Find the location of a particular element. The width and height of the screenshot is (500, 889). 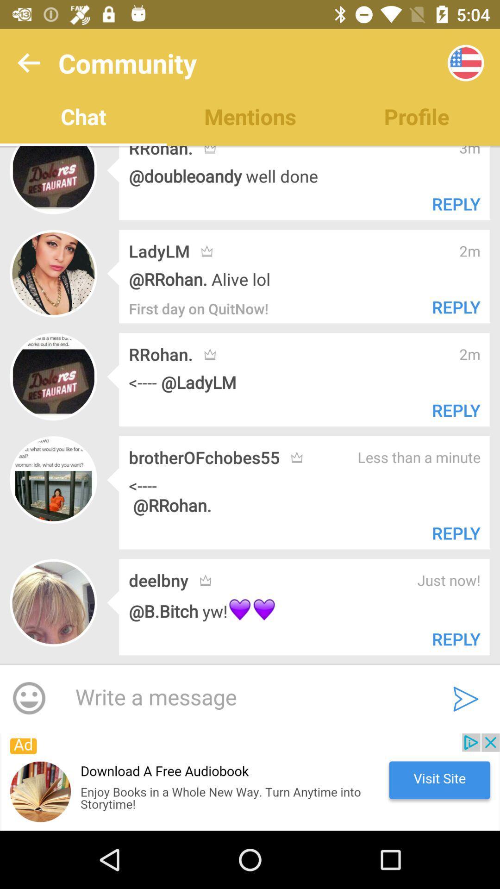

typing page is located at coordinates (244, 698).